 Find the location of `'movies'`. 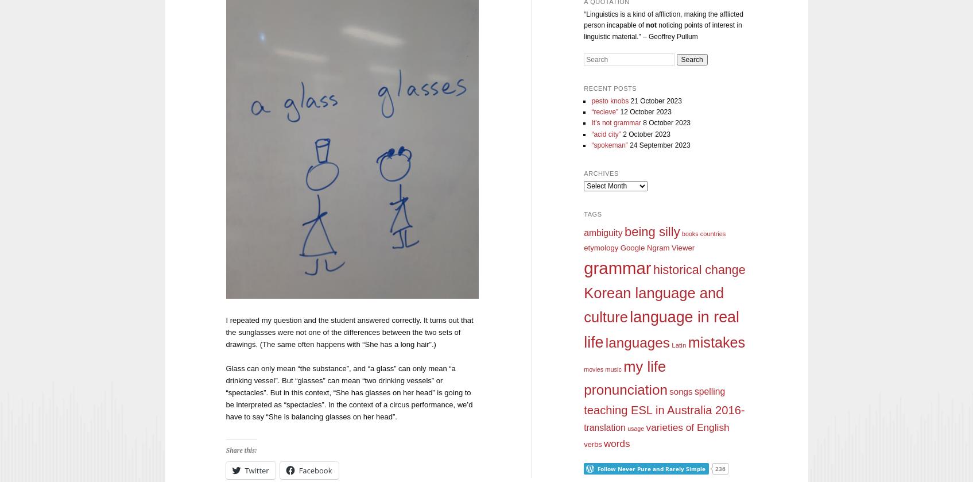

'movies' is located at coordinates (592, 368).